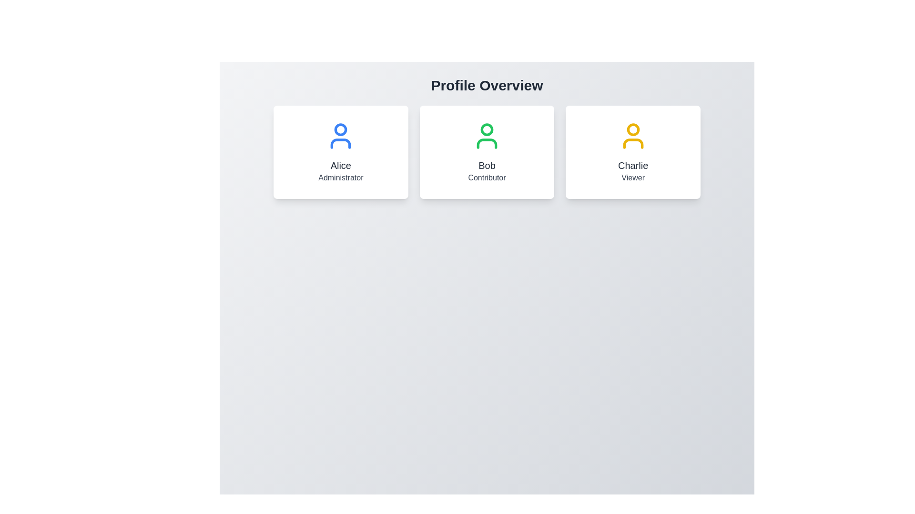 The height and width of the screenshot is (514, 915). I want to click on the static text label displaying 'Contributor' in a medium-sized, gray font, positioned below the larger text 'Bob' and the green profile icon, at the bottom of the card about 'Bob', so click(487, 178).